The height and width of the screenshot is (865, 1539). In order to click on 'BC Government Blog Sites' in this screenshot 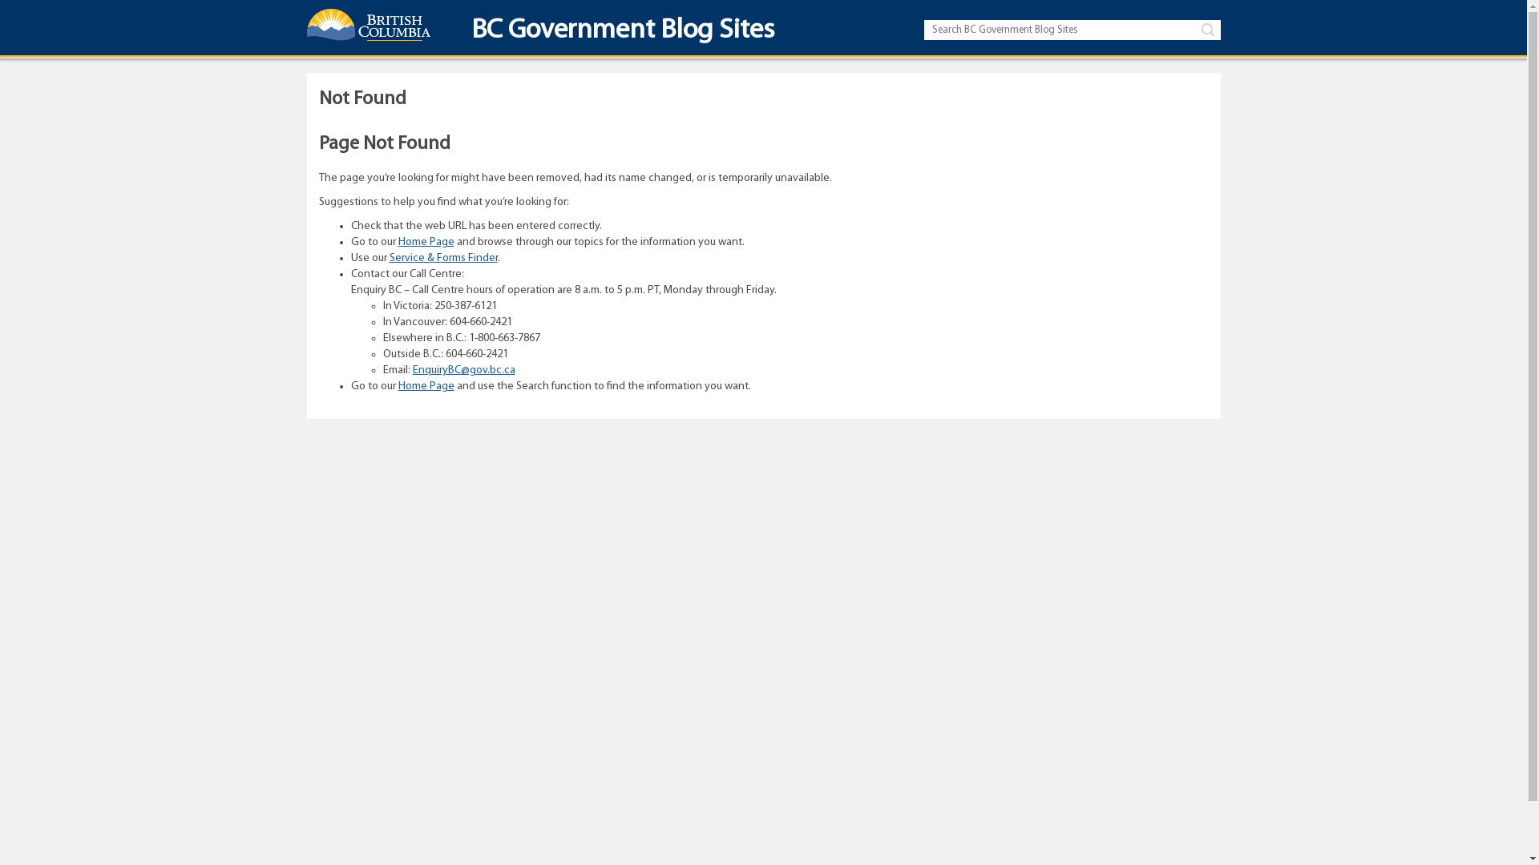, I will do `click(615, 34)`.